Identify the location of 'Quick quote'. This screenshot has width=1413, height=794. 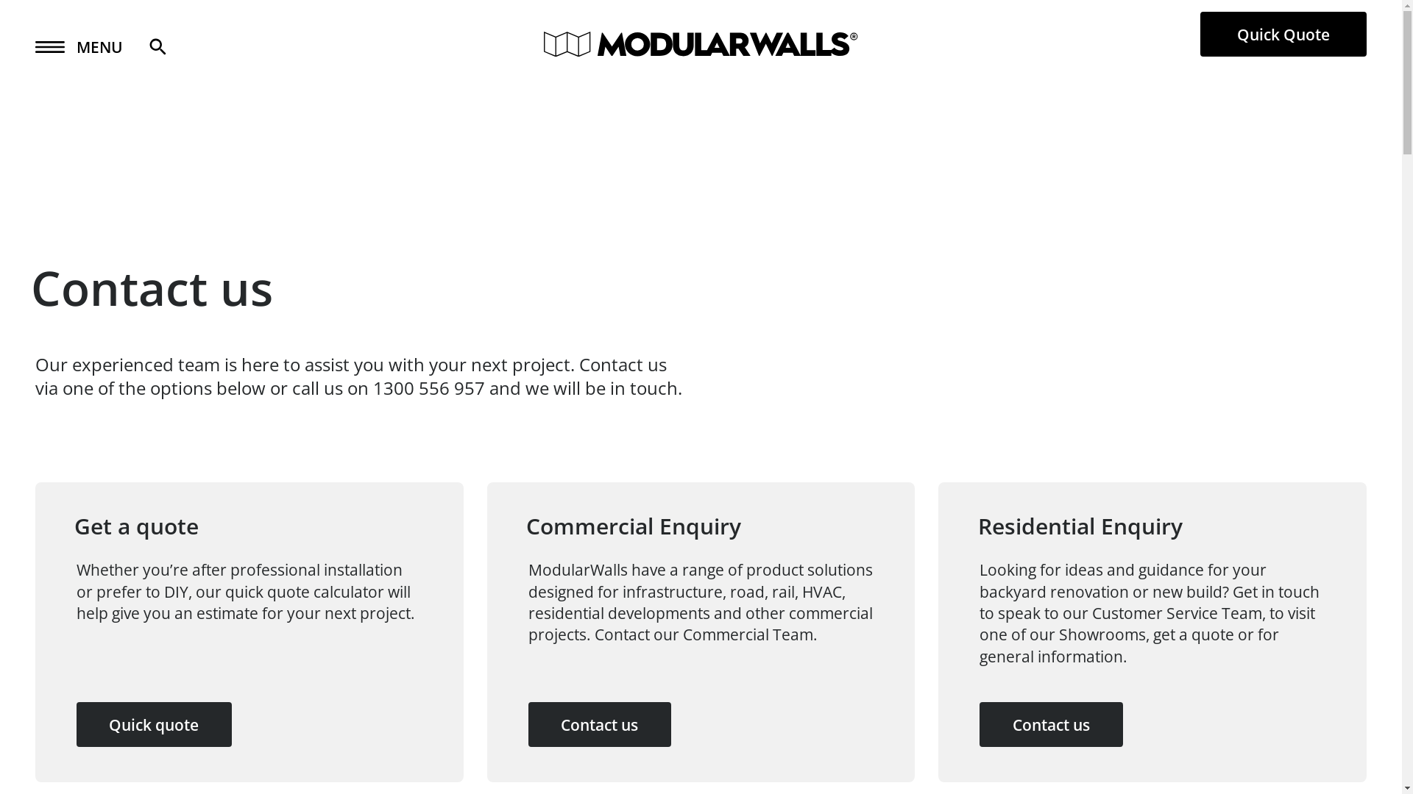
(154, 723).